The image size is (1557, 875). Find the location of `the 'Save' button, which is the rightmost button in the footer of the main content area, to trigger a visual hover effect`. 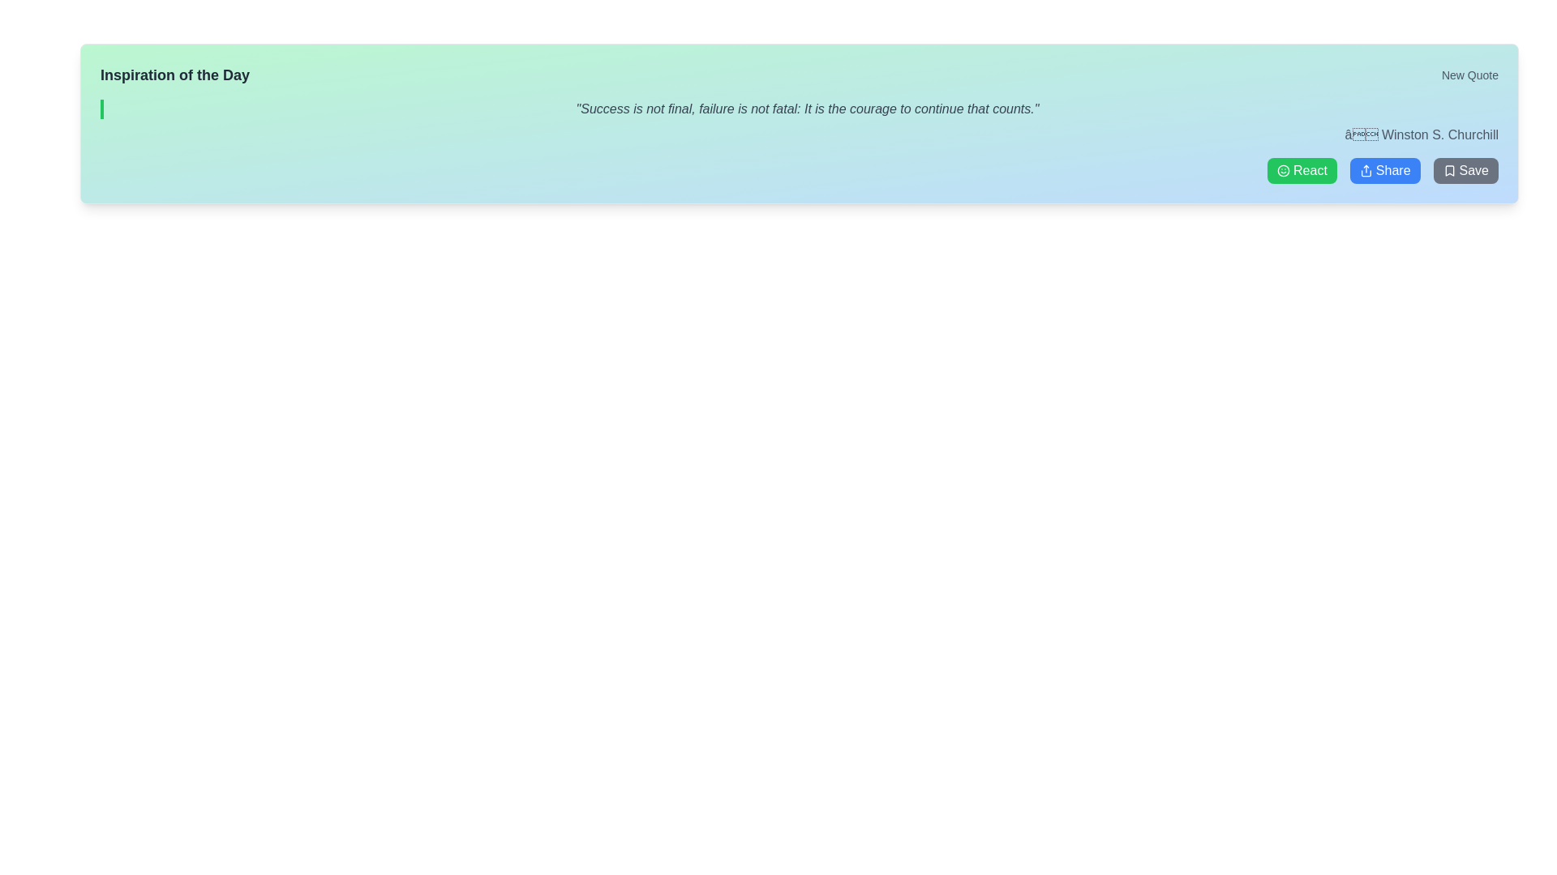

the 'Save' button, which is the rightmost button in the footer of the main content area, to trigger a visual hover effect is located at coordinates (1465, 171).